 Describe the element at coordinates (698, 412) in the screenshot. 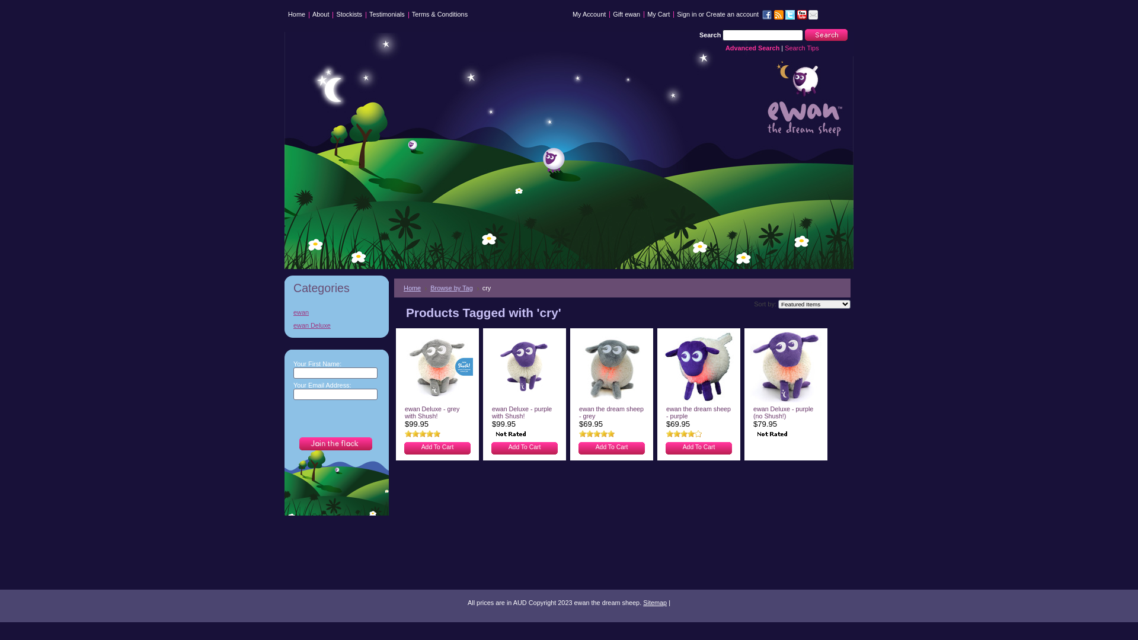

I see `'ewan the dream sheep - purple'` at that location.